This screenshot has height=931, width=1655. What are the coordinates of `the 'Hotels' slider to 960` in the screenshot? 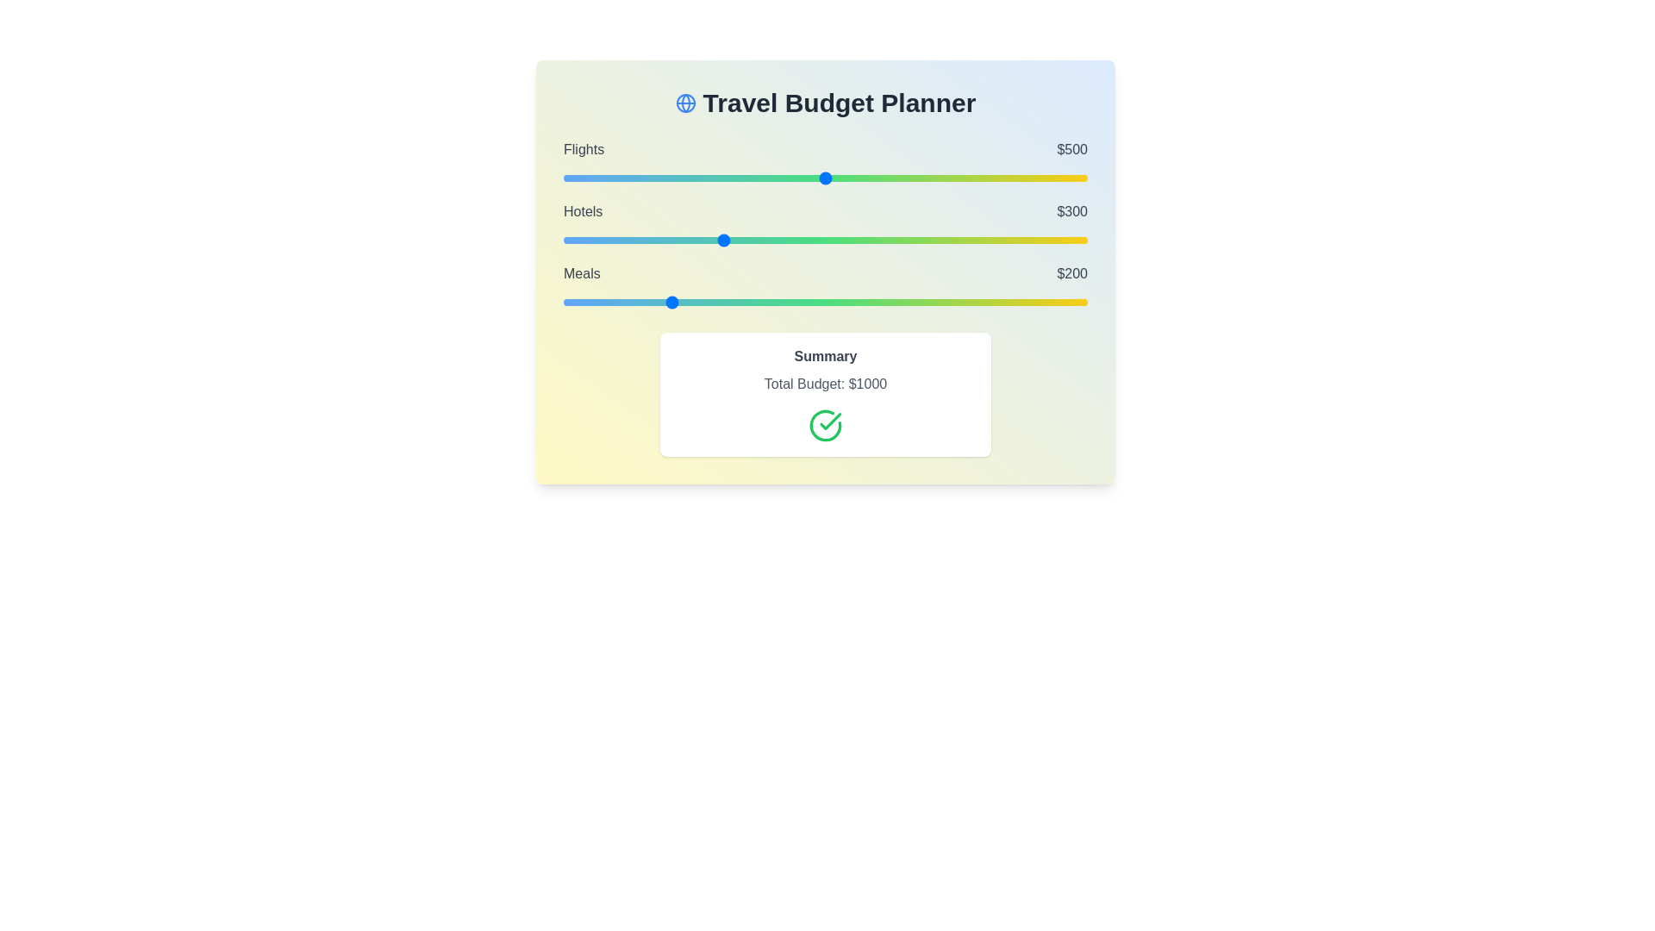 It's located at (1065, 240).